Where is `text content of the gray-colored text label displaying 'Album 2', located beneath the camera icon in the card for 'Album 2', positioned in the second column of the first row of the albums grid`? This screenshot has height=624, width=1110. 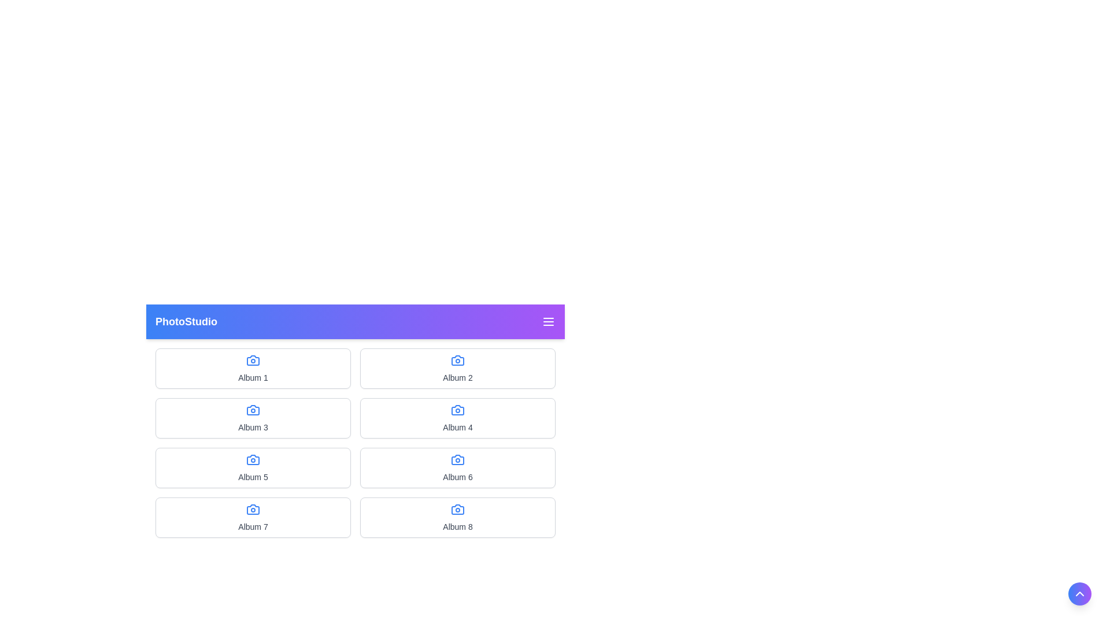 text content of the gray-colored text label displaying 'Album 2', located beneath the camera icon in the card for 'Album 2', positioned in the second column of the first row of the albums grid is located at coordinates (457, 378).